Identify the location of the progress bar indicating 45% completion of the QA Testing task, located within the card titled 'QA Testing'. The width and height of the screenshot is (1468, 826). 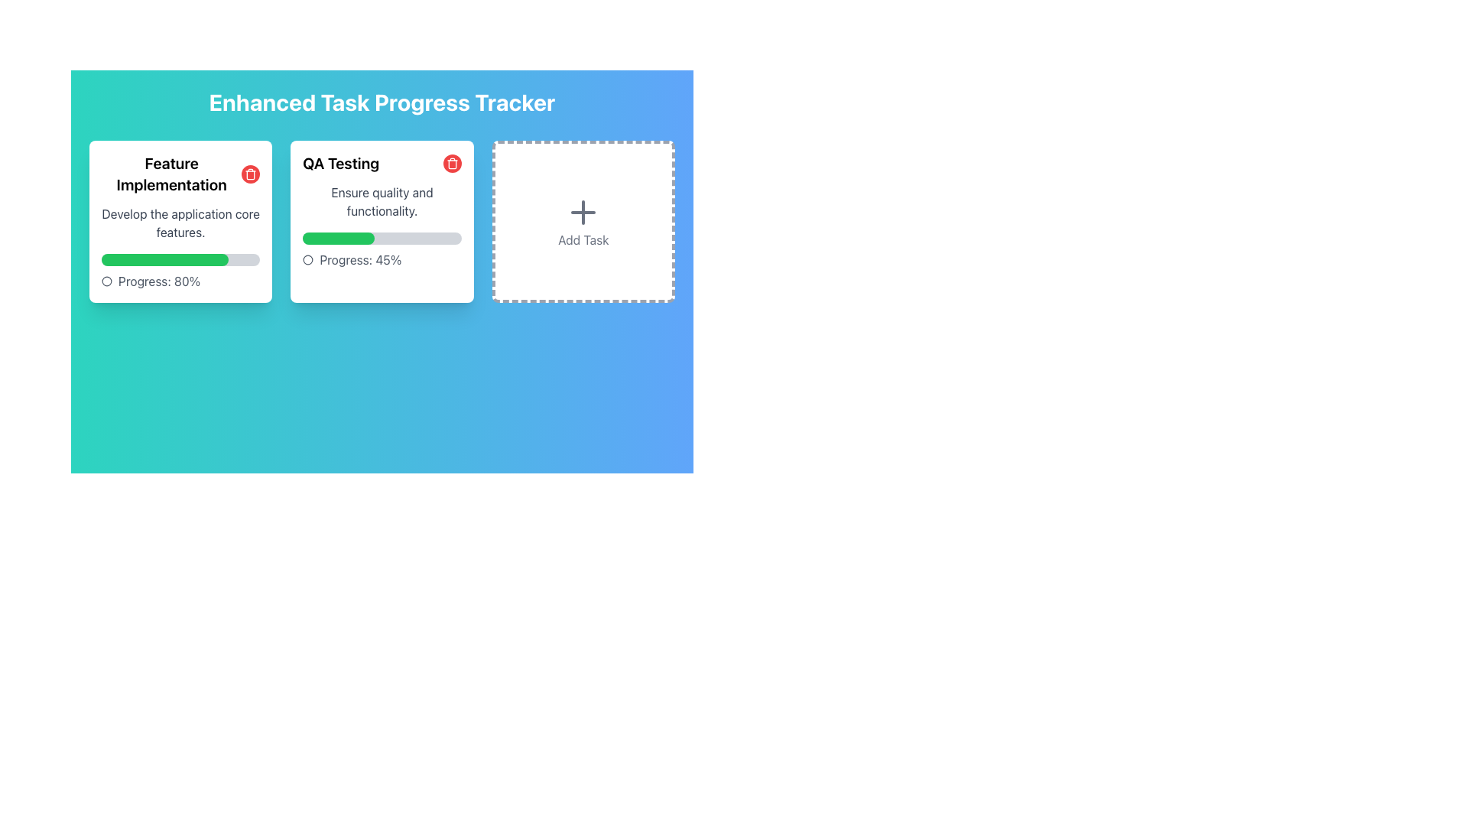
(382, 239).